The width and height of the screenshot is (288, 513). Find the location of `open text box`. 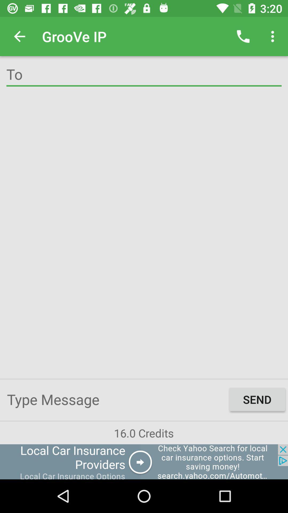

open text box is located at coordinates (116, 399).